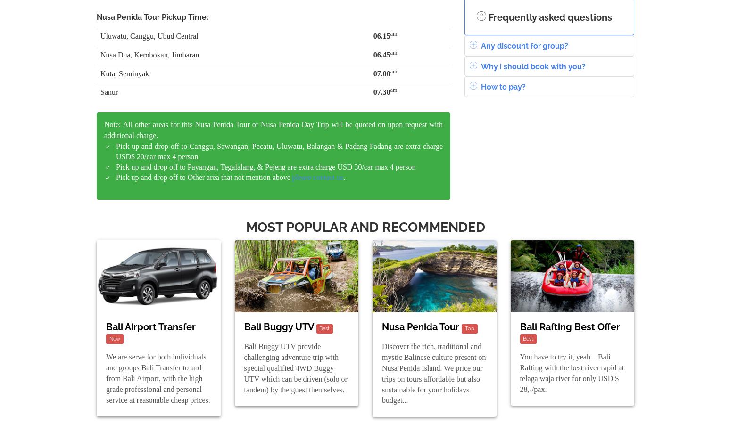  Describe the element at coordinates (523, 45) in the screenshot. I see `'Any discount for group?'` at that location.